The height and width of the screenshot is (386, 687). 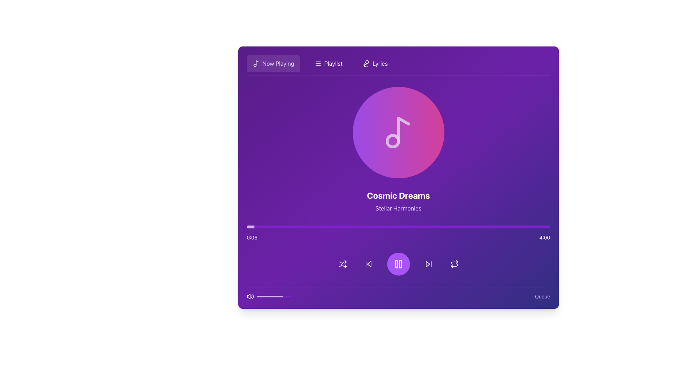 What do you see at coordinates (368, 264) in the screenshot?
I see `the backward skip button, which is an icon resembling a triangular arrow pointing left, to skip to the previous track` at bounding box center [368, 264].